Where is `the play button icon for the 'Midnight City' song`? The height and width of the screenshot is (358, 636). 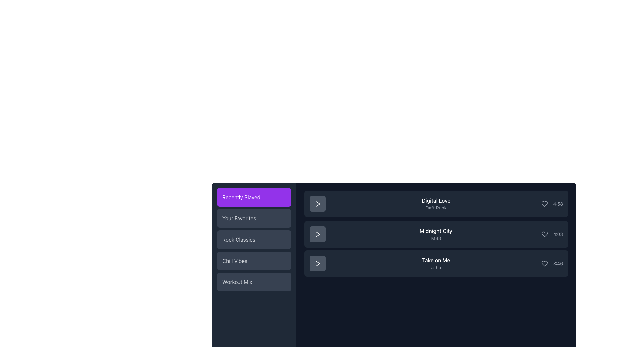
the play button icon for the 'Midnight City' song is located at coordinates (317, 234).